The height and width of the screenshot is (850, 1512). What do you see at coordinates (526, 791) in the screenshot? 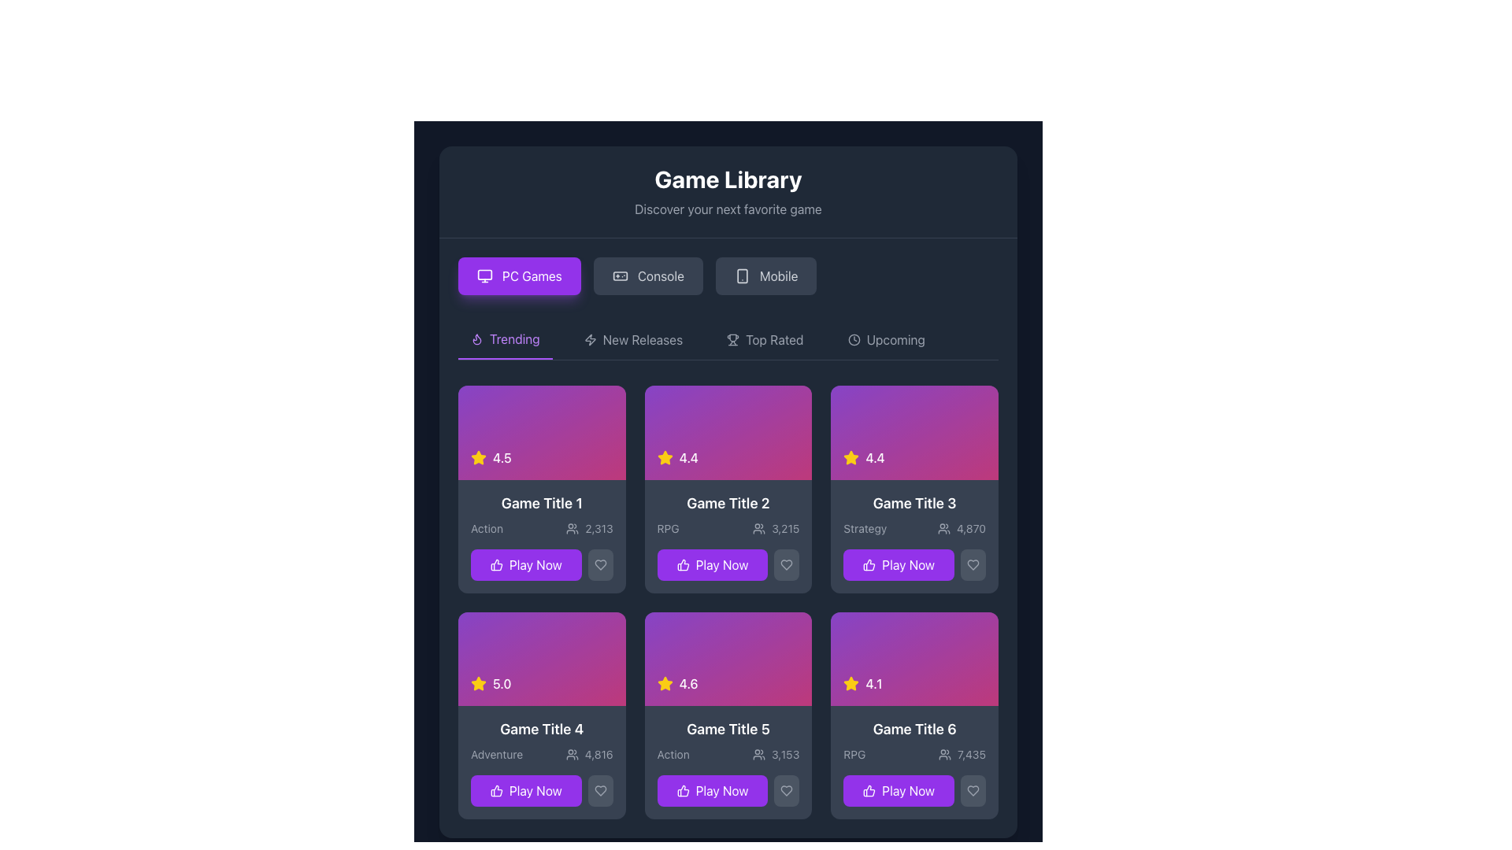
I see `the vibrant purple 'Play Now' button with a thumbs-up icon, located in the bottom section of the Game Title 4 card in the grid layout, to initiate the play action` at bounding box center [526, 791].